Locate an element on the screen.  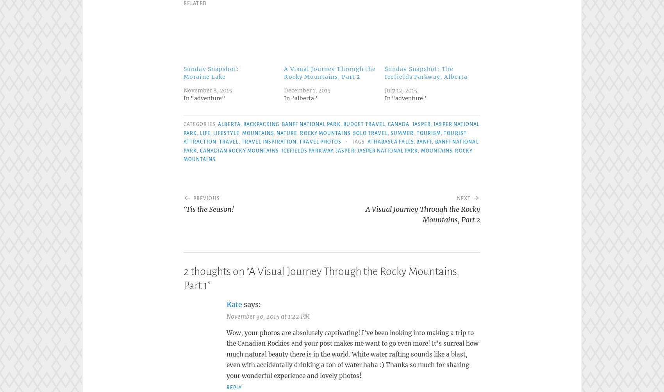
'travel inspiration' is located at coordinates (269, 140).